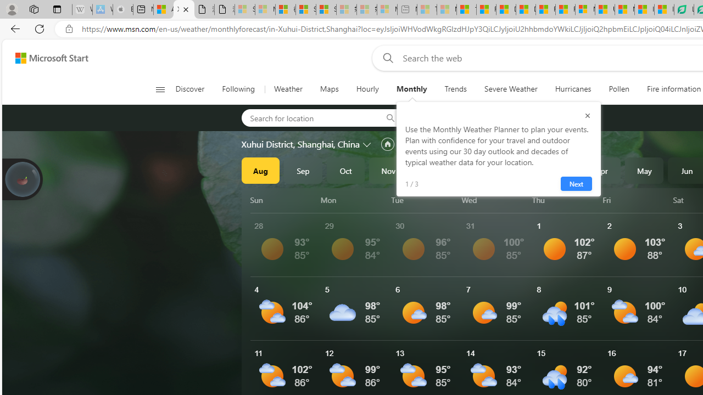  I want to click on 'Change location', so click(368, 143).